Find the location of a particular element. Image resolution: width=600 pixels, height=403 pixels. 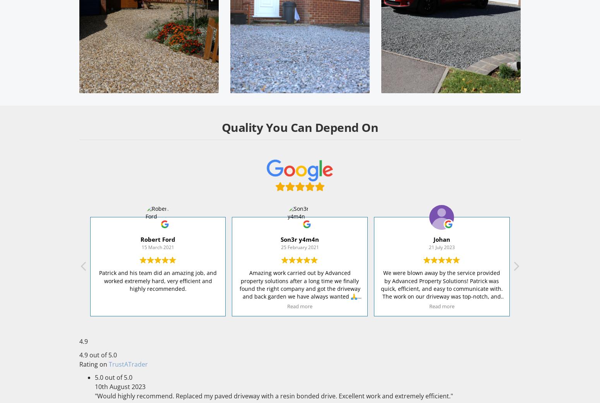

'21 July 2023' is located at coordinates (428, 247).